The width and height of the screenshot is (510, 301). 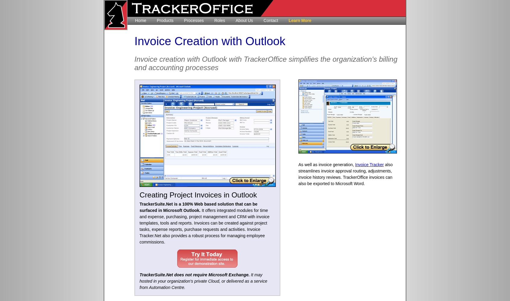 I want to click on 'Processes', so click(x=194, y=20).